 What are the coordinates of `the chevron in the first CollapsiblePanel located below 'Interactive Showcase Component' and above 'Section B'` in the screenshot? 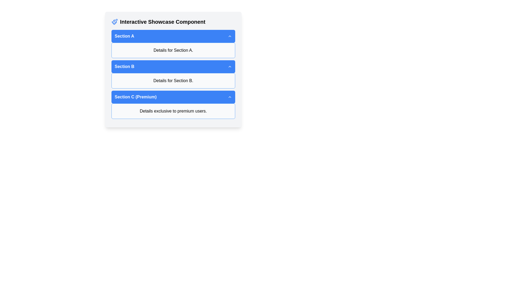 It's located at (173, 44).